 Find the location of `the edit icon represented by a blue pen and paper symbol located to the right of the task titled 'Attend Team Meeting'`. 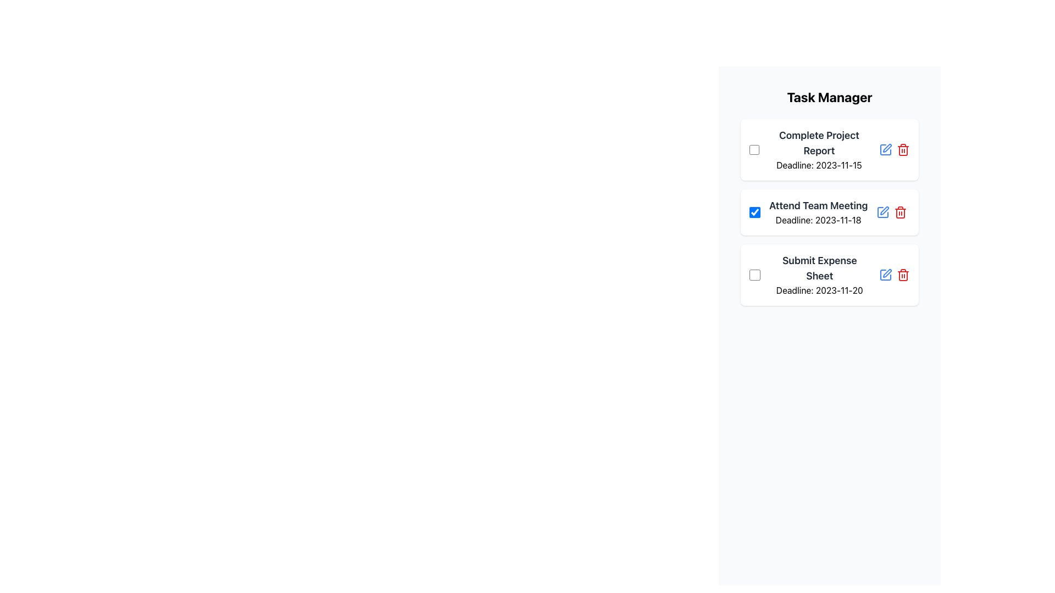

the edit icon represented by a blue pen and paper symbol located to the right of the task titled 'Attend Team Meeting' is located at coordinates (886, 150).